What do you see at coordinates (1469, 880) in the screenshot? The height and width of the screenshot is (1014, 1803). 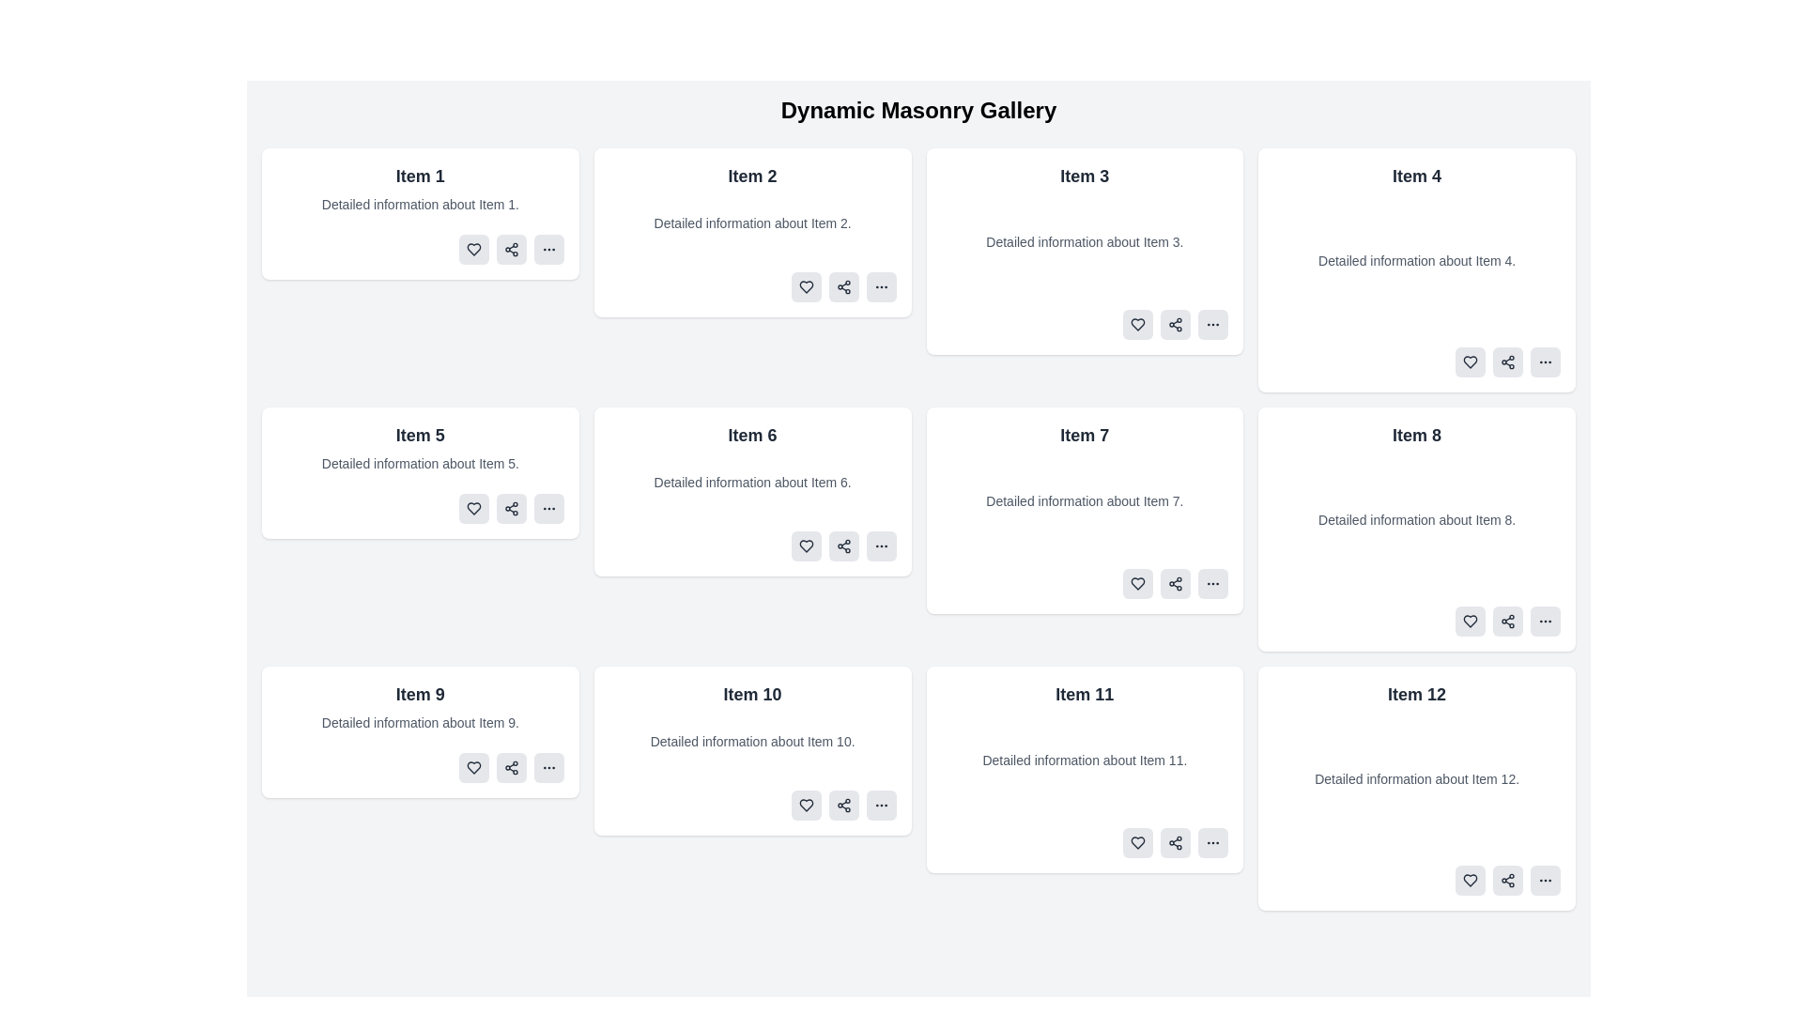 I see `the heart-shaped SVG icon located in the bottom-right corner of the 'Item 12' card, which allows users to mark the item as liked` at bounding box center [1469, 880].